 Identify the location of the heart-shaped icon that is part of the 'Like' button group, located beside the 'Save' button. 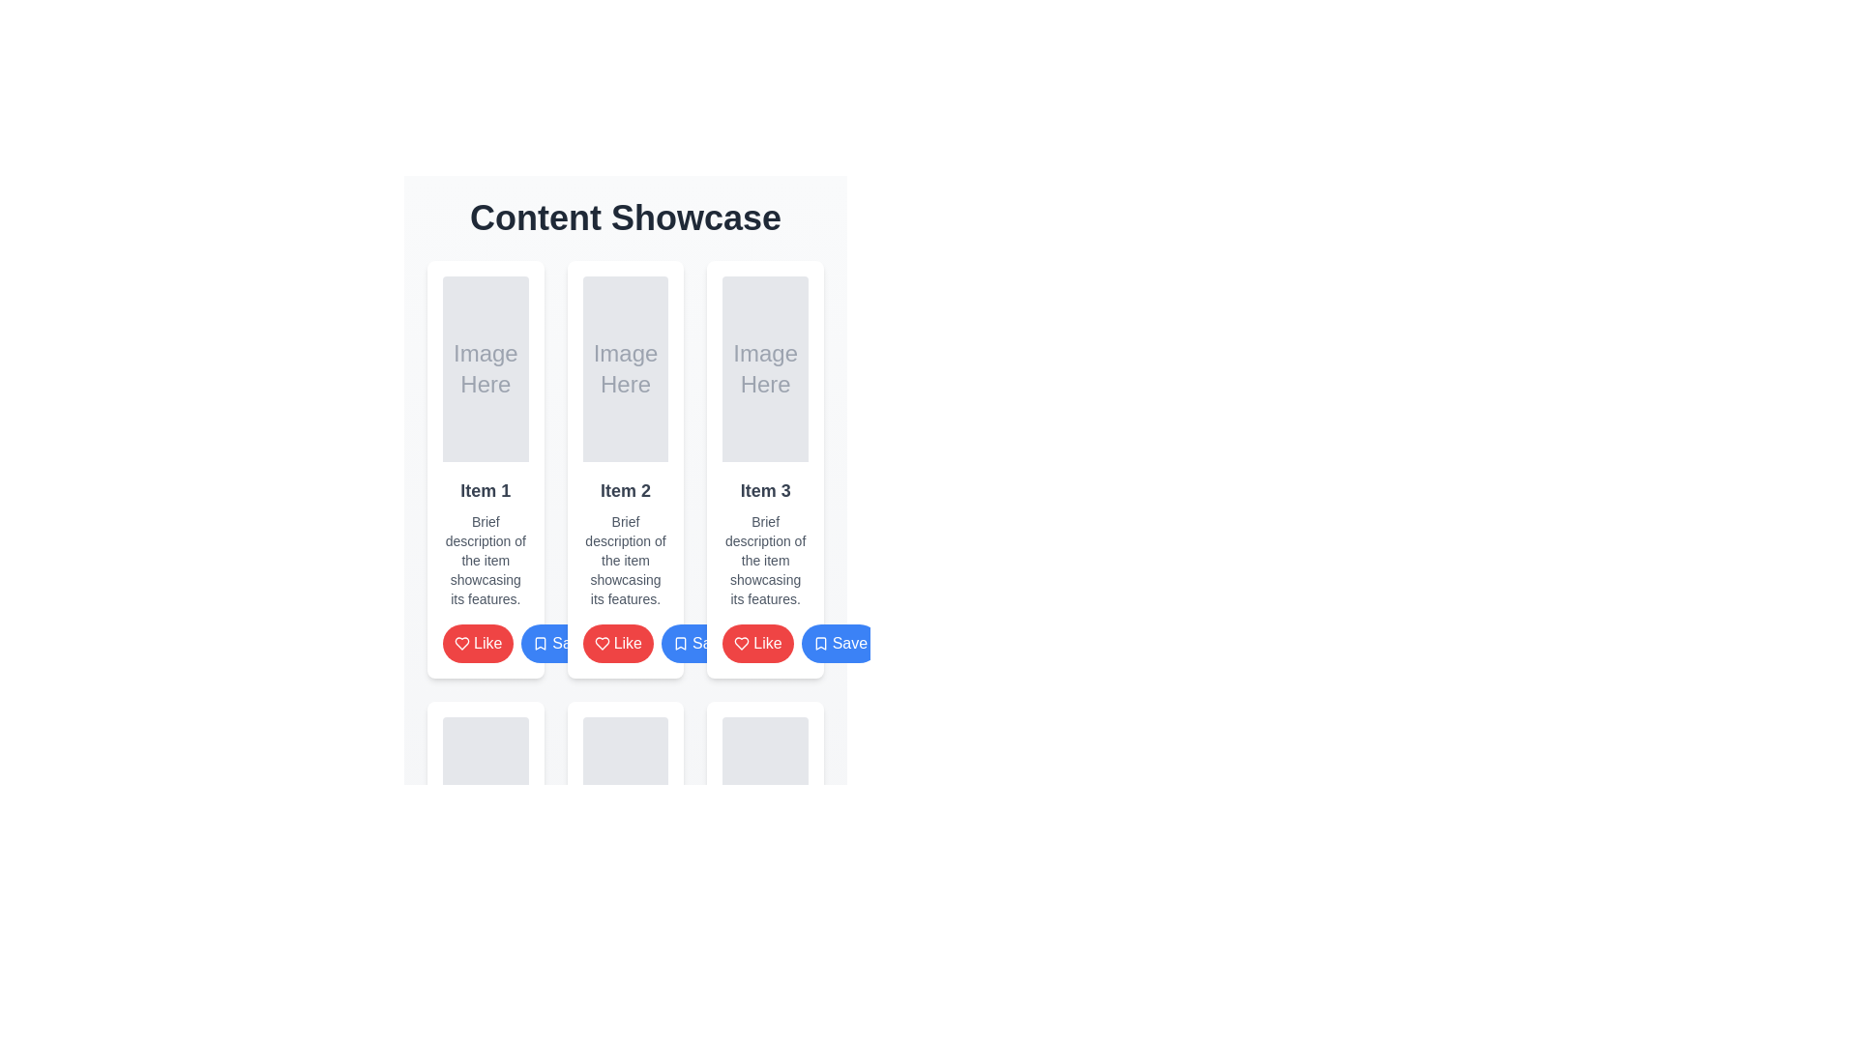
(601, 644).